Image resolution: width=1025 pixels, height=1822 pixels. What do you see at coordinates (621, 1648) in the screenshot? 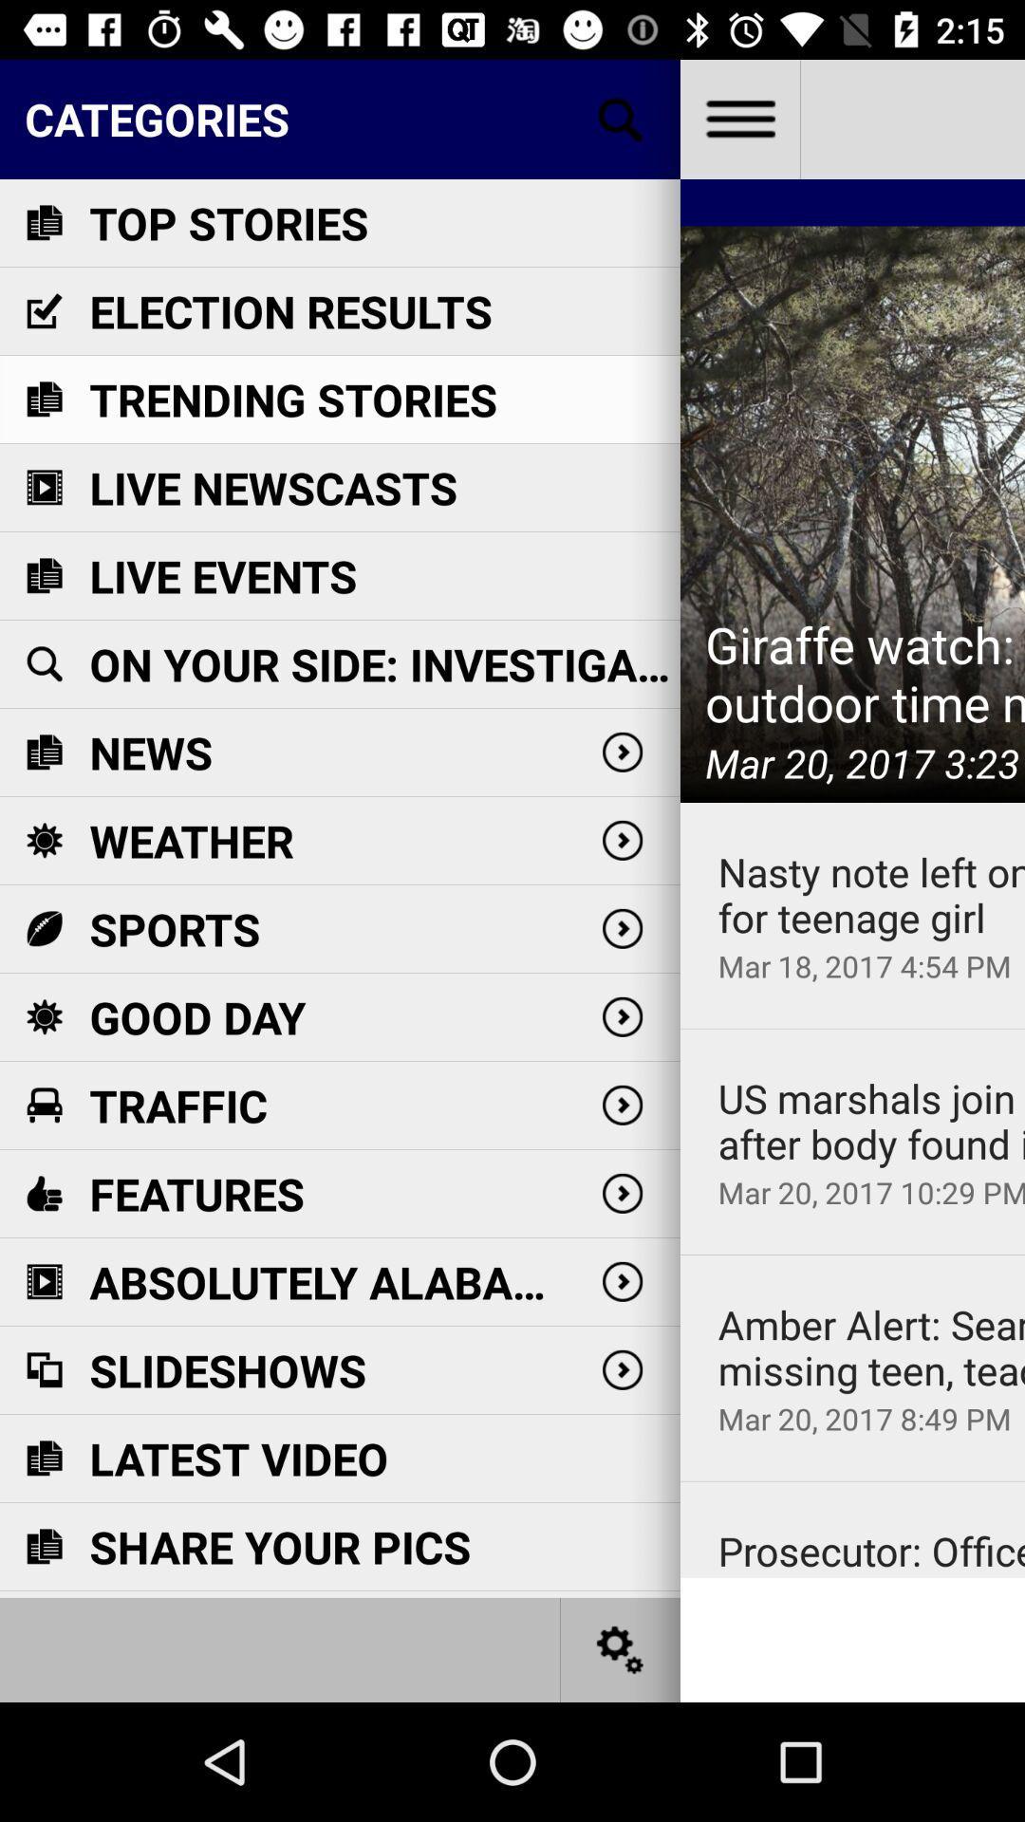
I see `serch` at bounding box center [621, 1648].